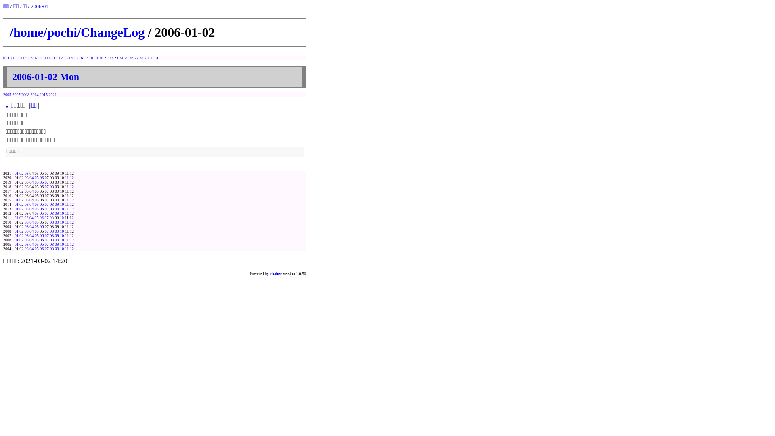 Image resolution: width=775 pixels, height=436 pixels. What do you see at coordinates (34, 217) in the screenshot?
I see `'05'` at bounding box center [34, 217].